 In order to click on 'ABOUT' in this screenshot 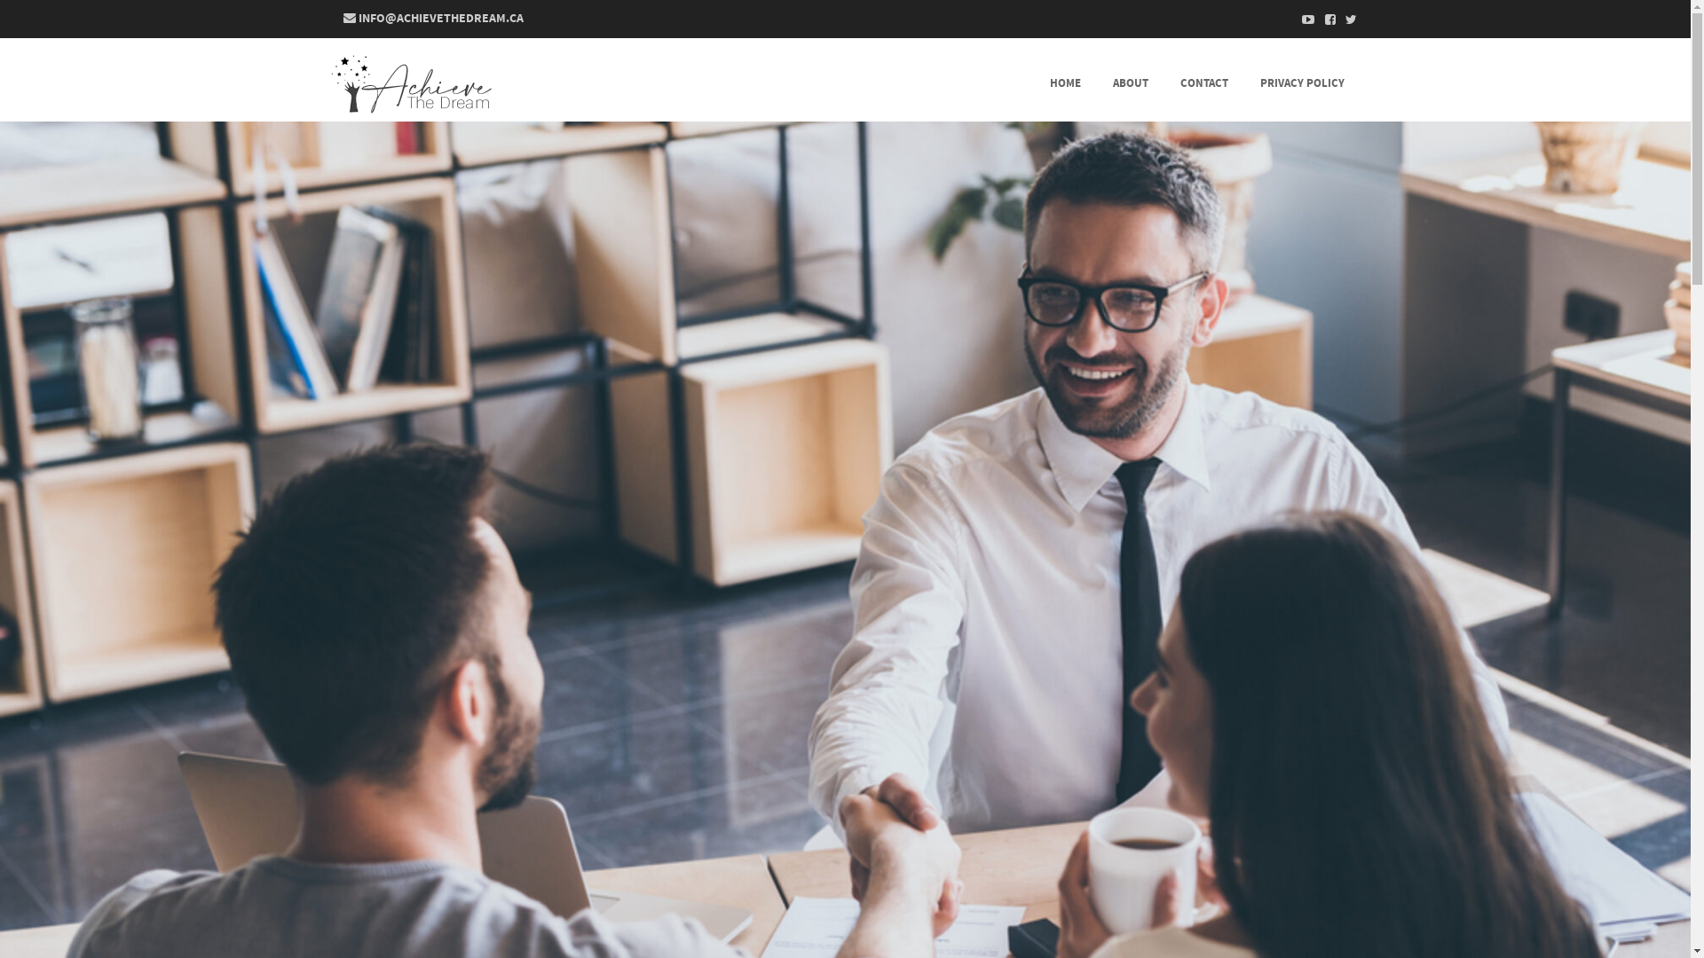, I will do `click(1129, 78)`.